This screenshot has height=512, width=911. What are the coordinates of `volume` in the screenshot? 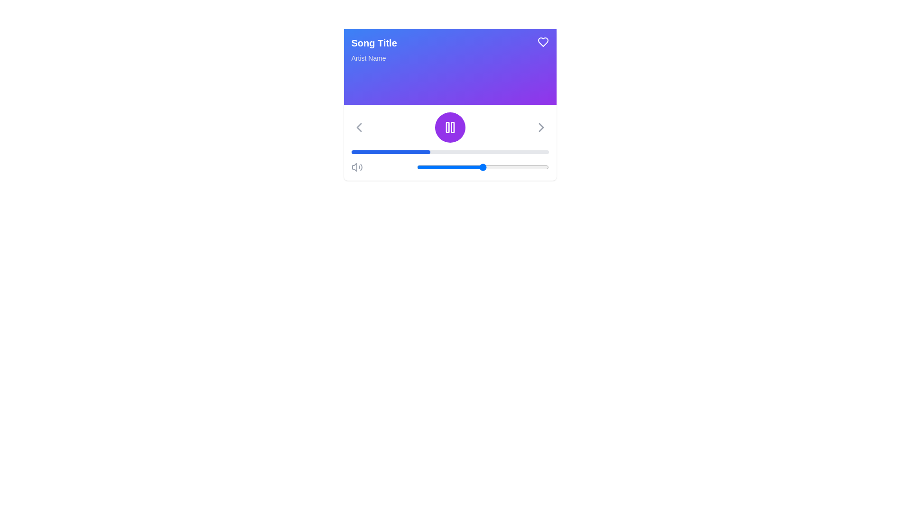 It's located at (419, 167).